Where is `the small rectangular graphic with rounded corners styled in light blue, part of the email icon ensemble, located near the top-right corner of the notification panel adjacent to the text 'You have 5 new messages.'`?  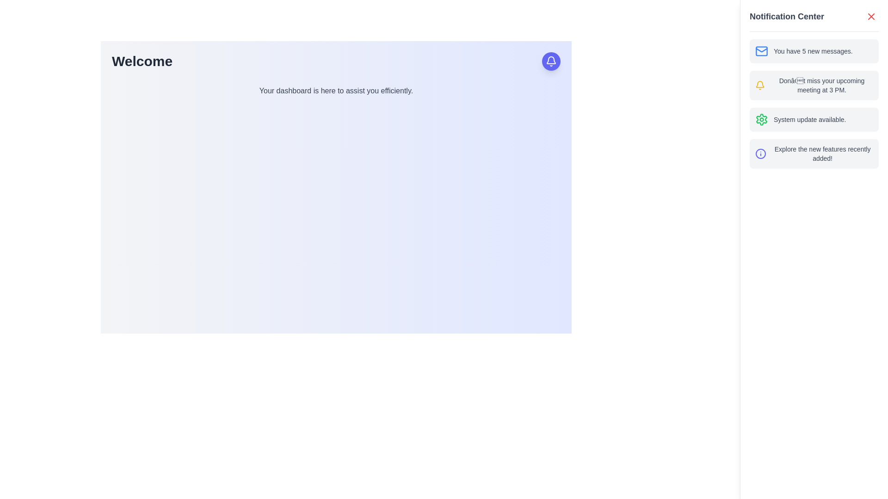
the small rectangular graphic with rounded corners styled in light blue, part of the email icon ensemble, located near the top-right corner of the notification panel adjacent to the text 'You have 5 new messages.' is located at coordinates (761, 51).